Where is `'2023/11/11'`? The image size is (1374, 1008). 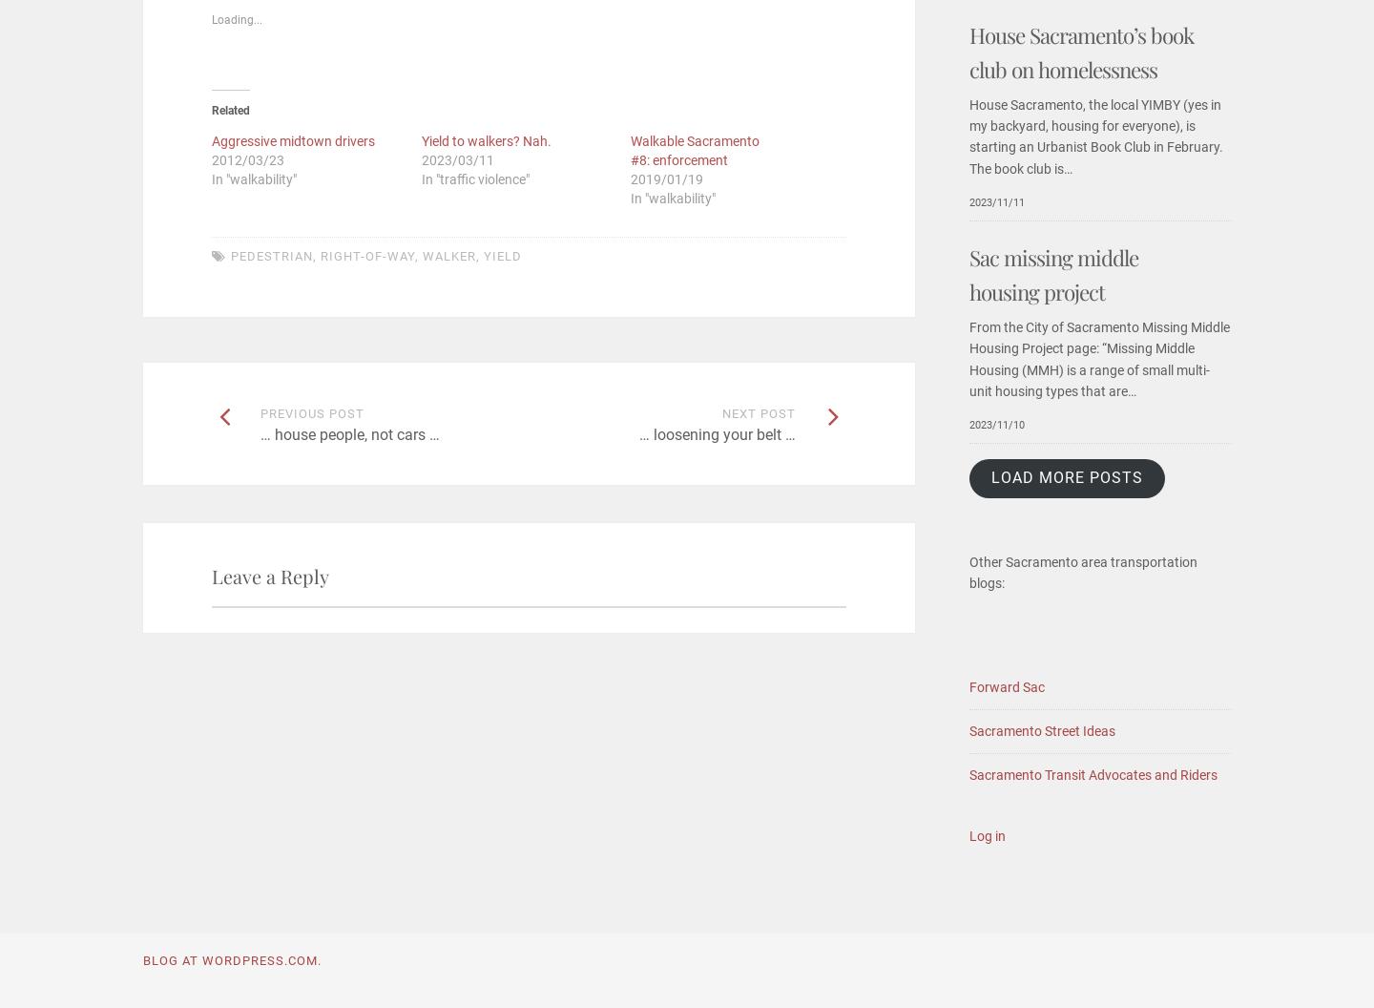 '2023/11/11' is located at coordinates (997, 201).